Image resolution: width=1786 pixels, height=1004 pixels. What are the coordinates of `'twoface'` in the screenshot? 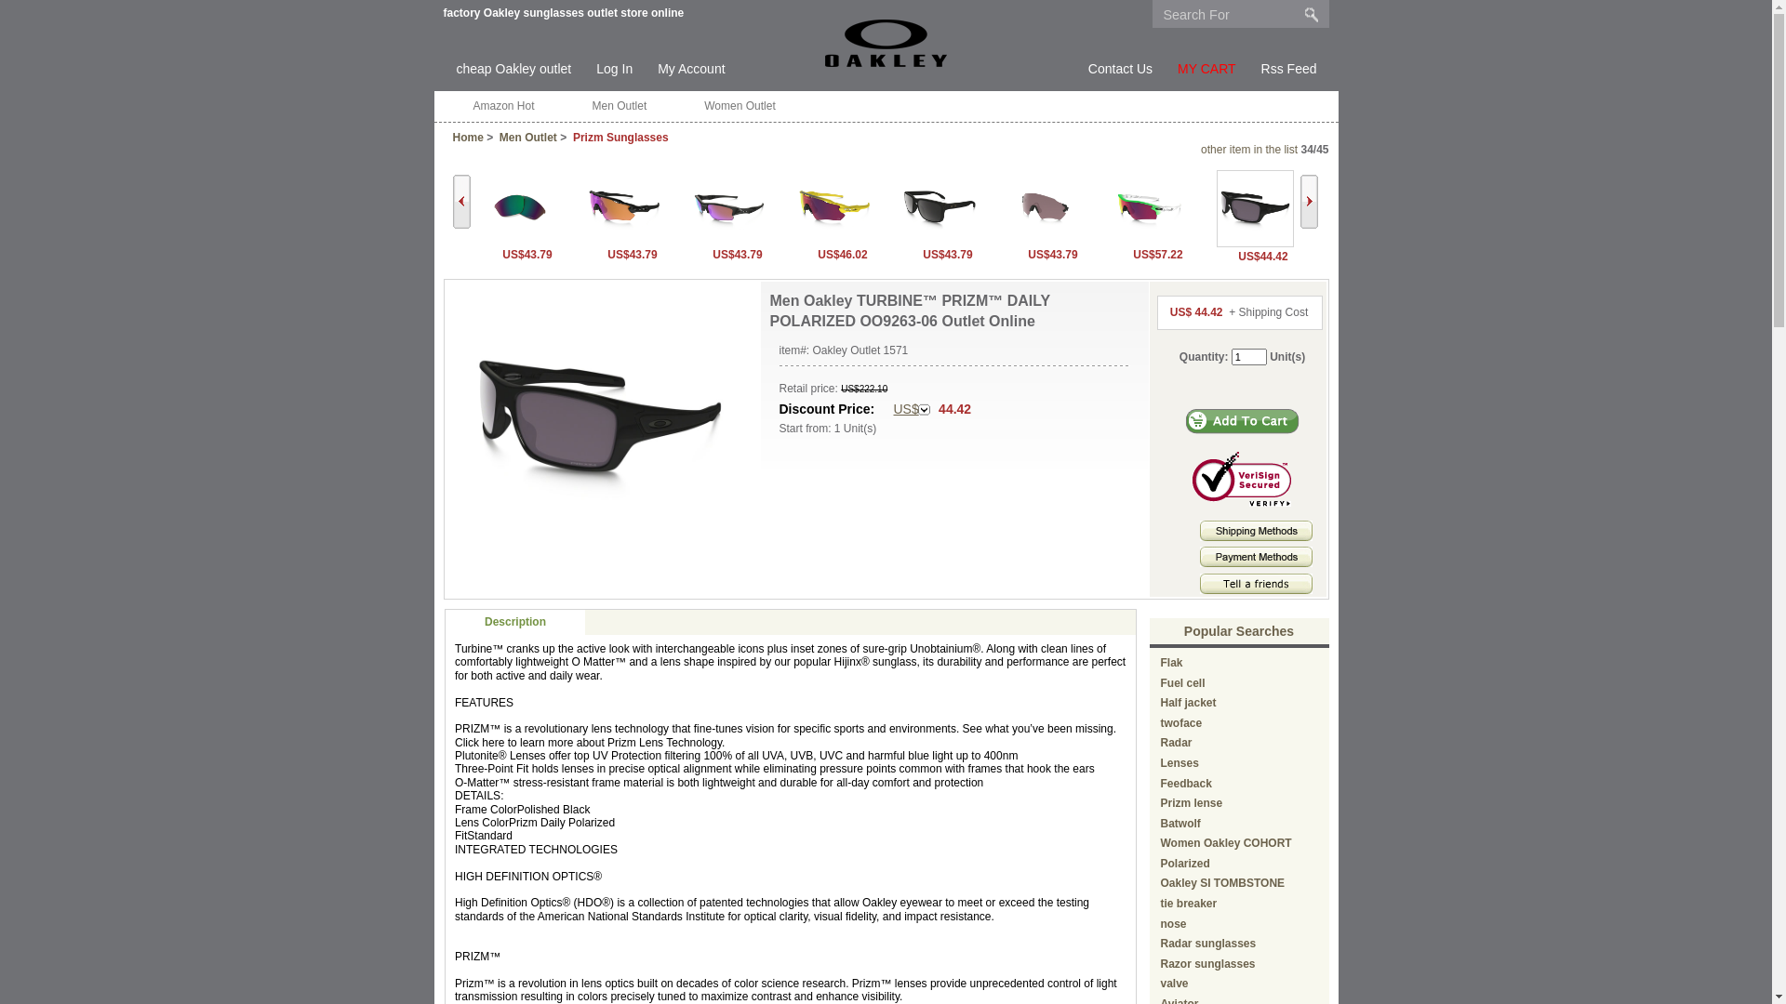 It's located at (1180, 722).